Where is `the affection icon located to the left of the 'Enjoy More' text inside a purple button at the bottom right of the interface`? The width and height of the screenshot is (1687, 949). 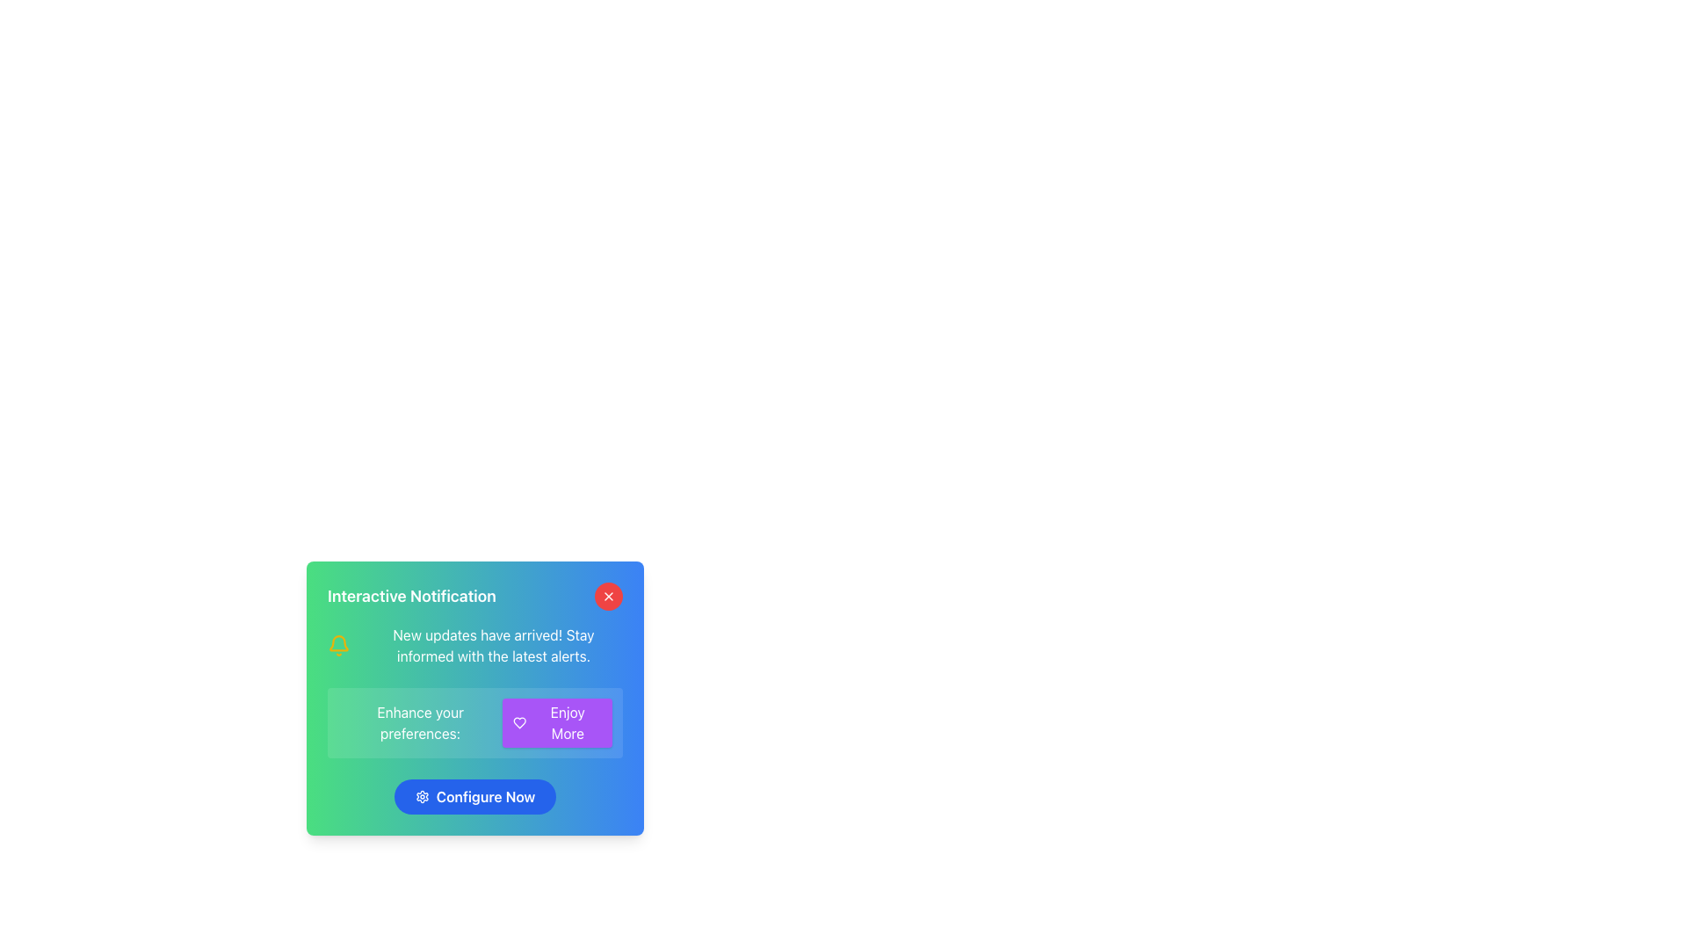
the affection icon located to the left of the 'Enjoy More' text inside a purple button at the bottom right of the interface is located at coordinates (518, 722).